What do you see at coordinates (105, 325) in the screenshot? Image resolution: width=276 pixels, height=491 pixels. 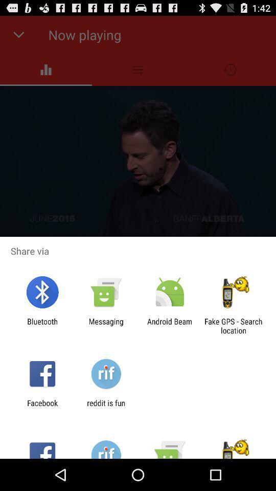 I see `the app to the left of android beam app` at bounding box center [105, 325].